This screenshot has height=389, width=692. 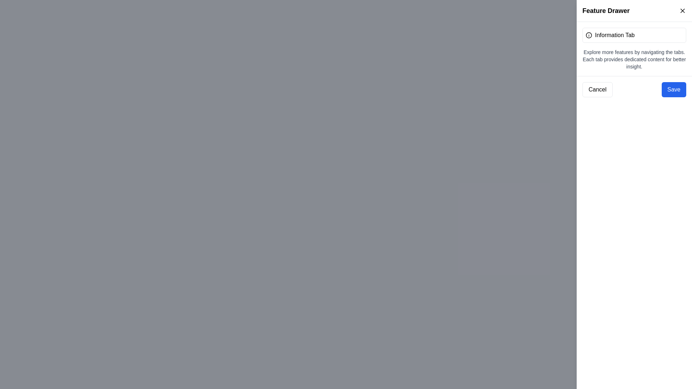 What do you see at coordinates (682, 11) in the screenshot?
I see `the diagonal cross icon located in the top-right corner of the 'Feature Drawer' panel for keyboard navigation` at bounding box center [682, 11].